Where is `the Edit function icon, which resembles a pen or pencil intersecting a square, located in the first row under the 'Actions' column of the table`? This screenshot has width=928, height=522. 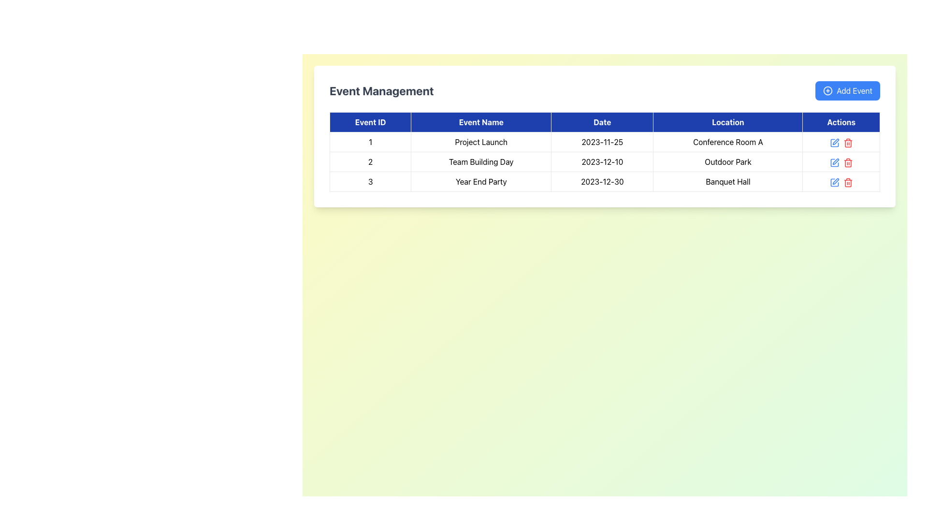
the Edit function icon, which resembles a pen or pencil intersecting a square, located in the first row under the 'Actions' column of the table is located at coordinates (835, 142).